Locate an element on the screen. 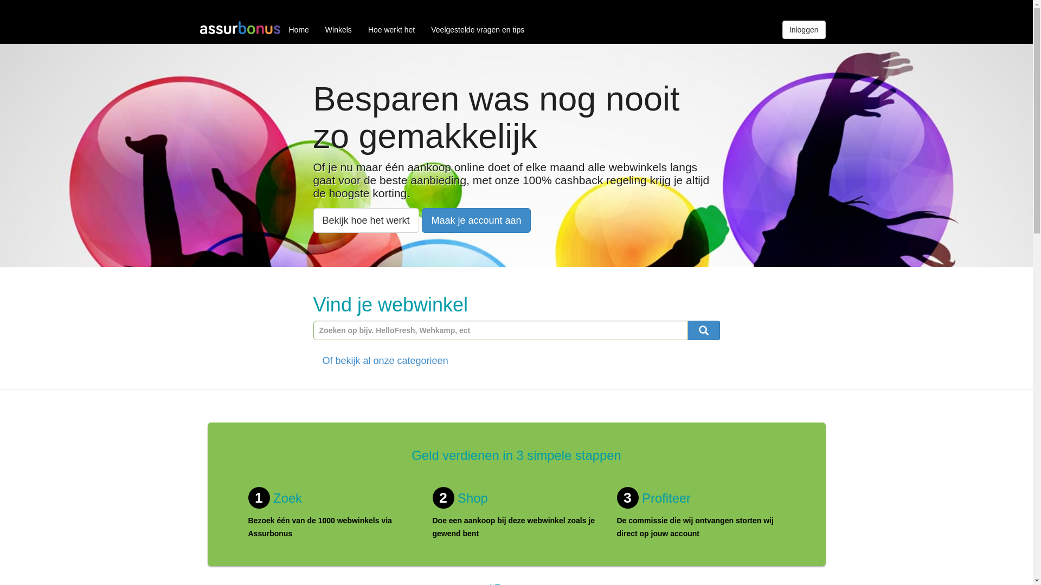 The height and width of the screenshot is (585, 1041). 'Bekijk hoe het werkt' is located at coordinates (366, 220).